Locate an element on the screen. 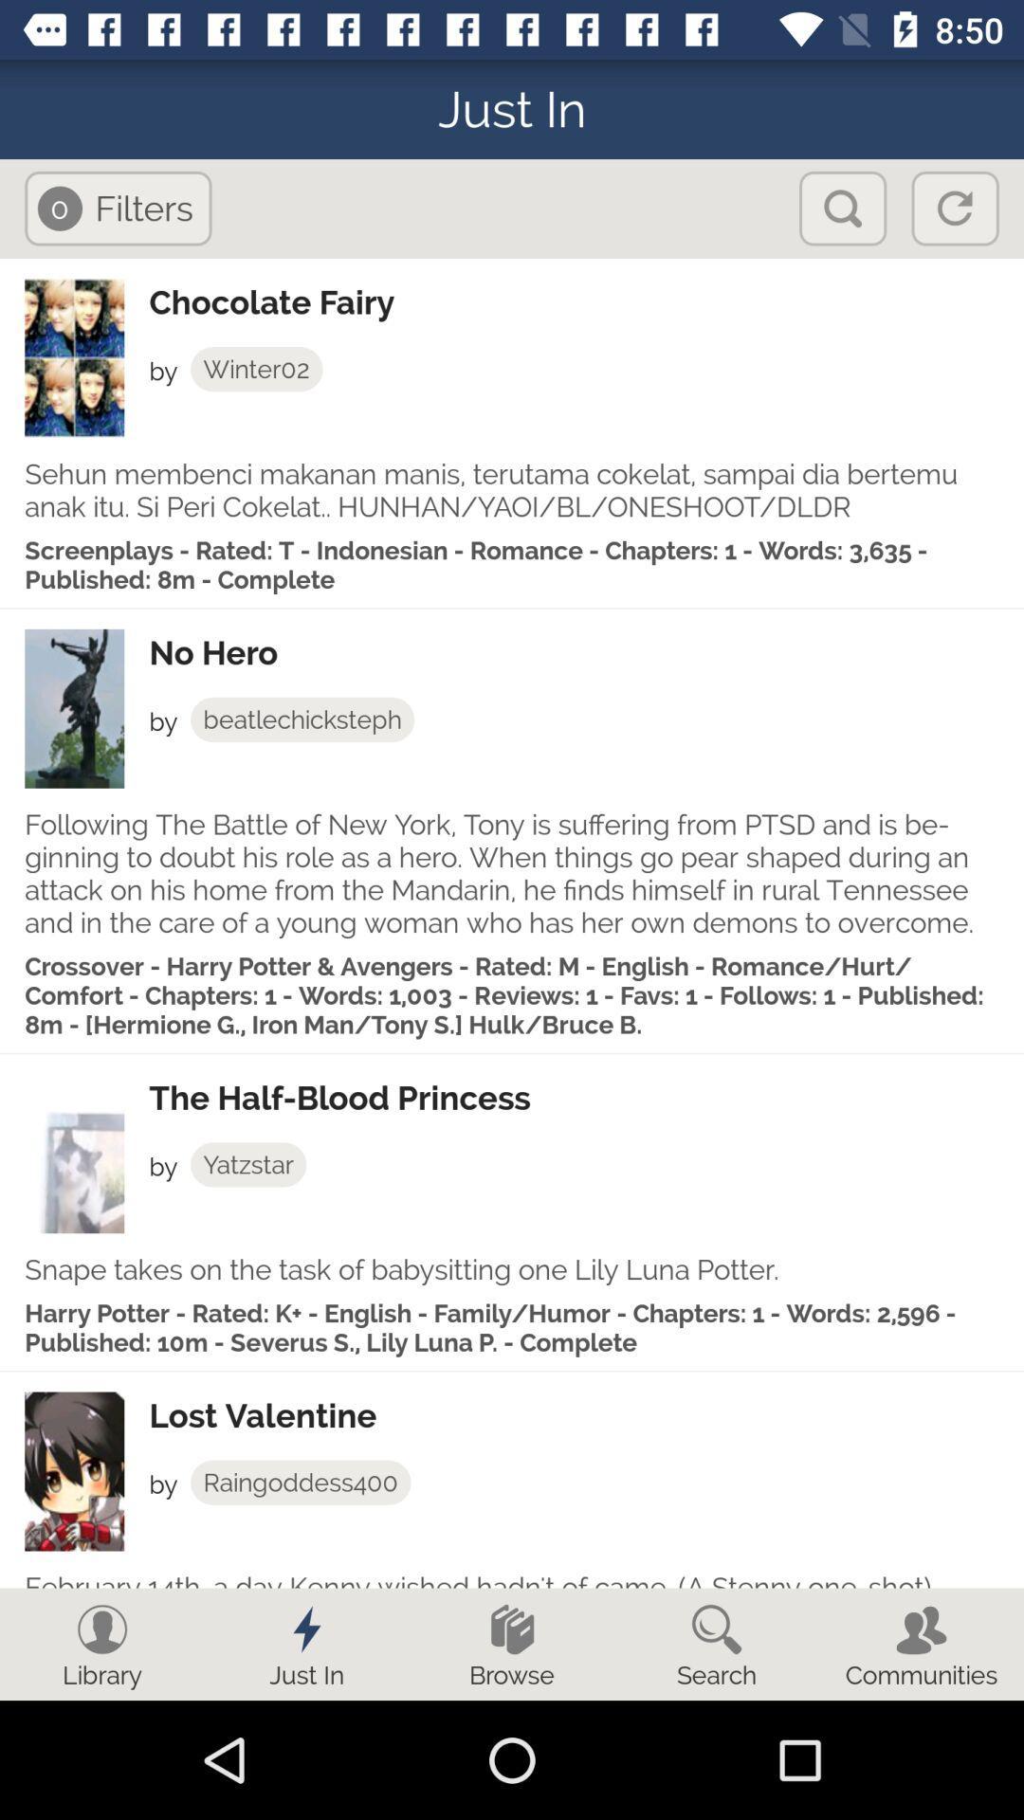 This screenshot has width=1024, height=1820. icon above crossover harry potter is located at coordinates (512, 872).